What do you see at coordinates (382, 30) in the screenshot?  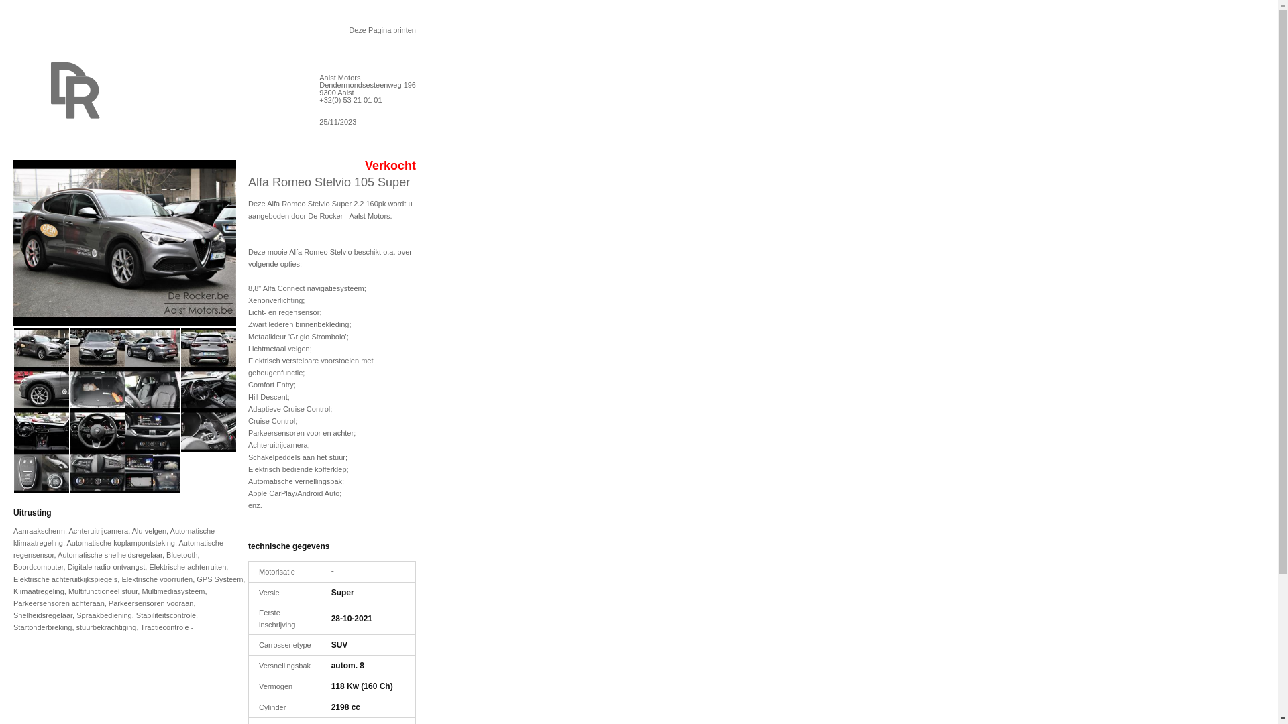 I see `'Deze Pagina printen'` at bounding box center [382, 30].